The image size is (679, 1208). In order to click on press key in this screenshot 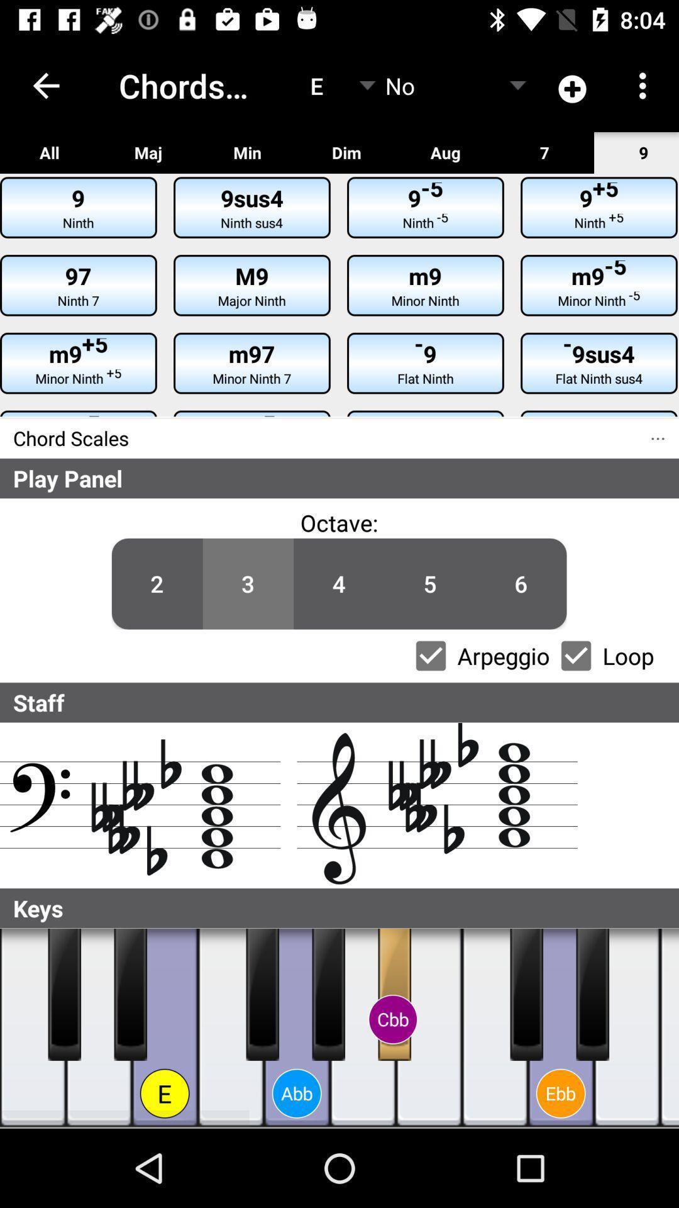, I will do `click(32, 1027)`.